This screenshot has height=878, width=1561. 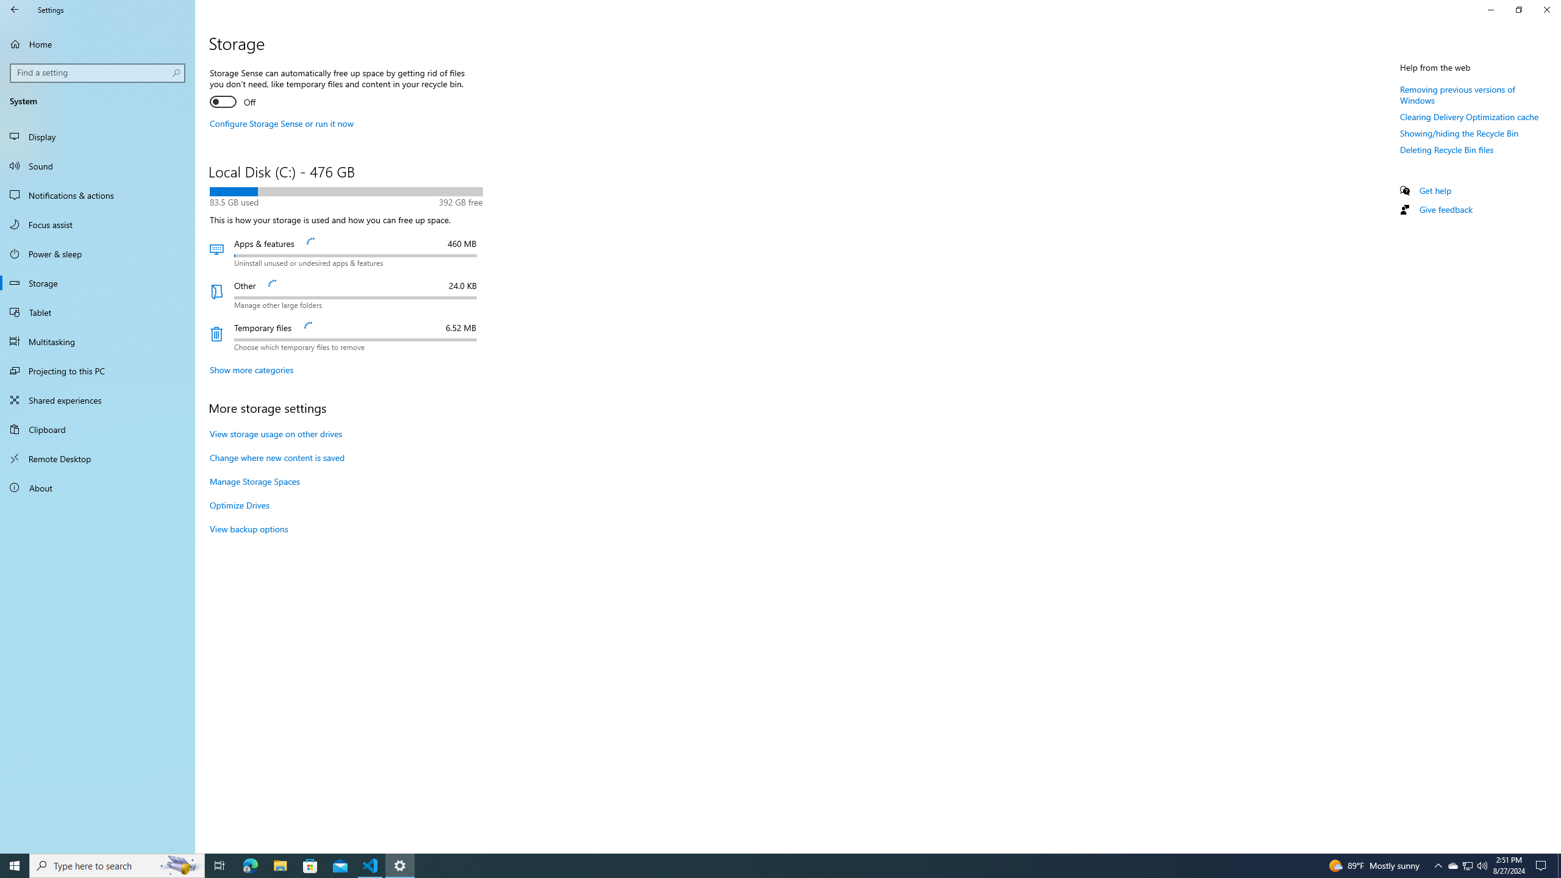 I want to click on 'Q2790: 100%', so click(x=1481, y=865).